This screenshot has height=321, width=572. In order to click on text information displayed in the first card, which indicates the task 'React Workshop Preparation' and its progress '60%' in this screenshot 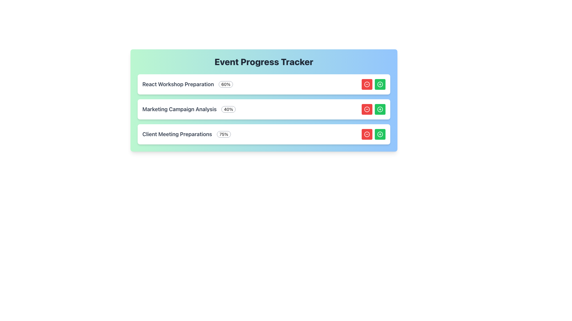, I will do `click(187, 84)`.